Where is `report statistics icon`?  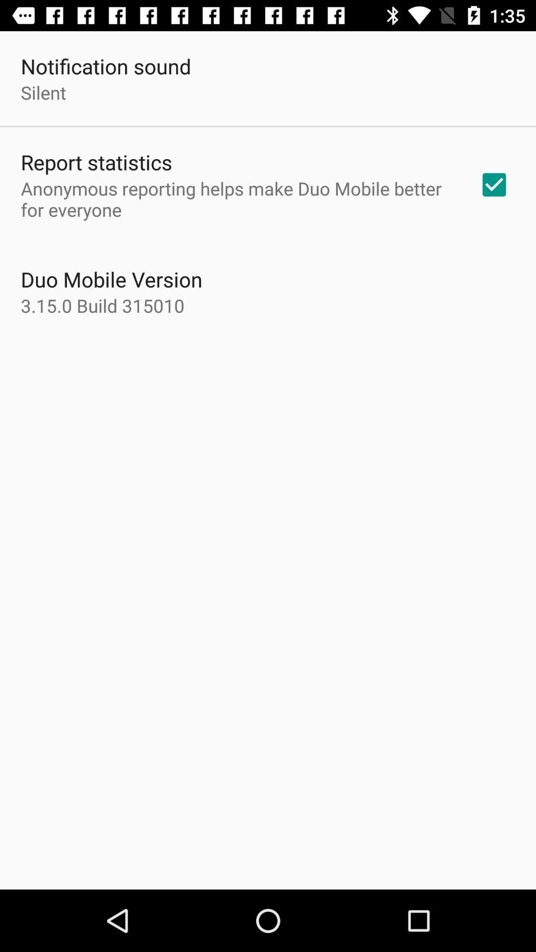 report statistics icon is located at coordinates (96, 162).